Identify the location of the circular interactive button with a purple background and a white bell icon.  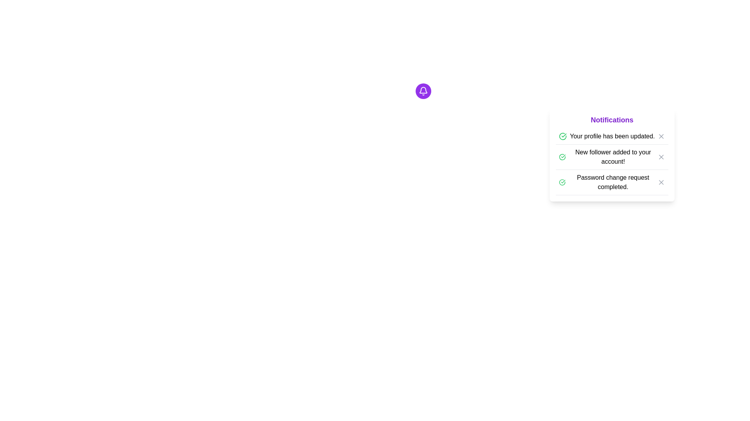
(423, 91).